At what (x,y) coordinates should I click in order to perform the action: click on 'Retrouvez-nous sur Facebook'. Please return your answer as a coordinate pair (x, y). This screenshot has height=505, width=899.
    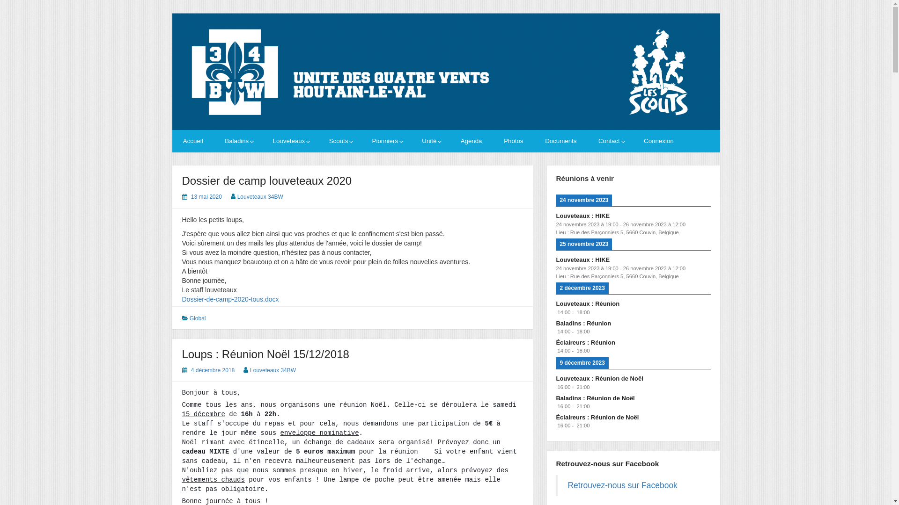
    Looking at the image, I should click on (622, 484).